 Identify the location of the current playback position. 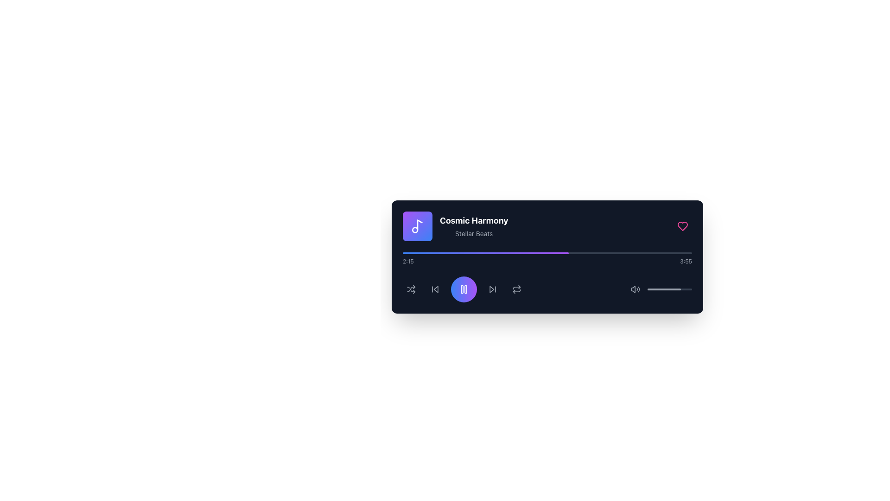
(524, 253).